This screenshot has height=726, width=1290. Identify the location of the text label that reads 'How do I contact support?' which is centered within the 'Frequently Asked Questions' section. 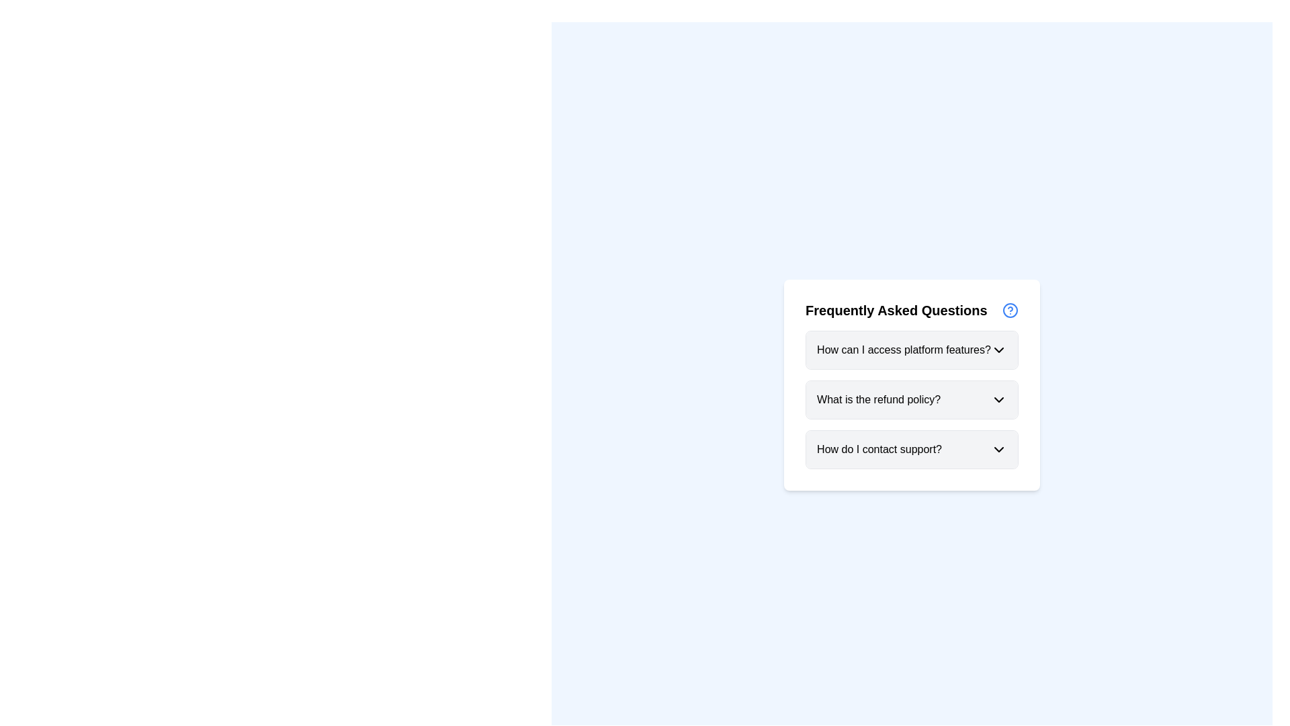
(879, 449).